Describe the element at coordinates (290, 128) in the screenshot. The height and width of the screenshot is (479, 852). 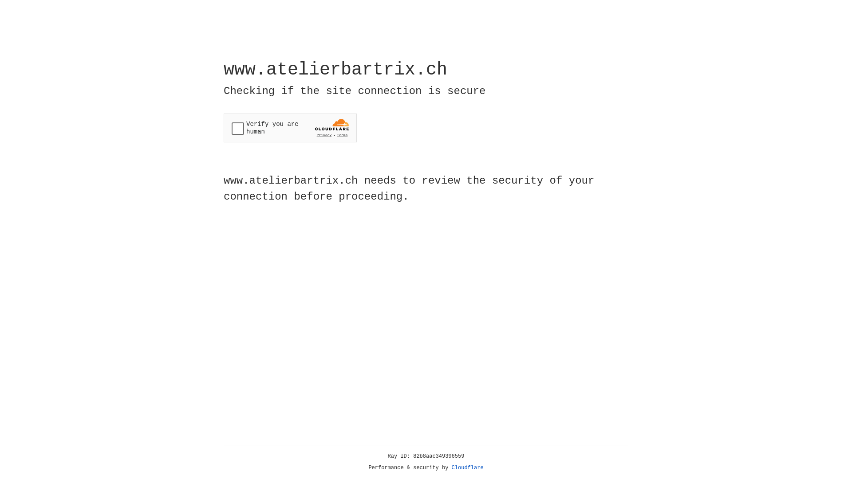
I see `'Widget containing a Cloudflare security challenge'` at that location.